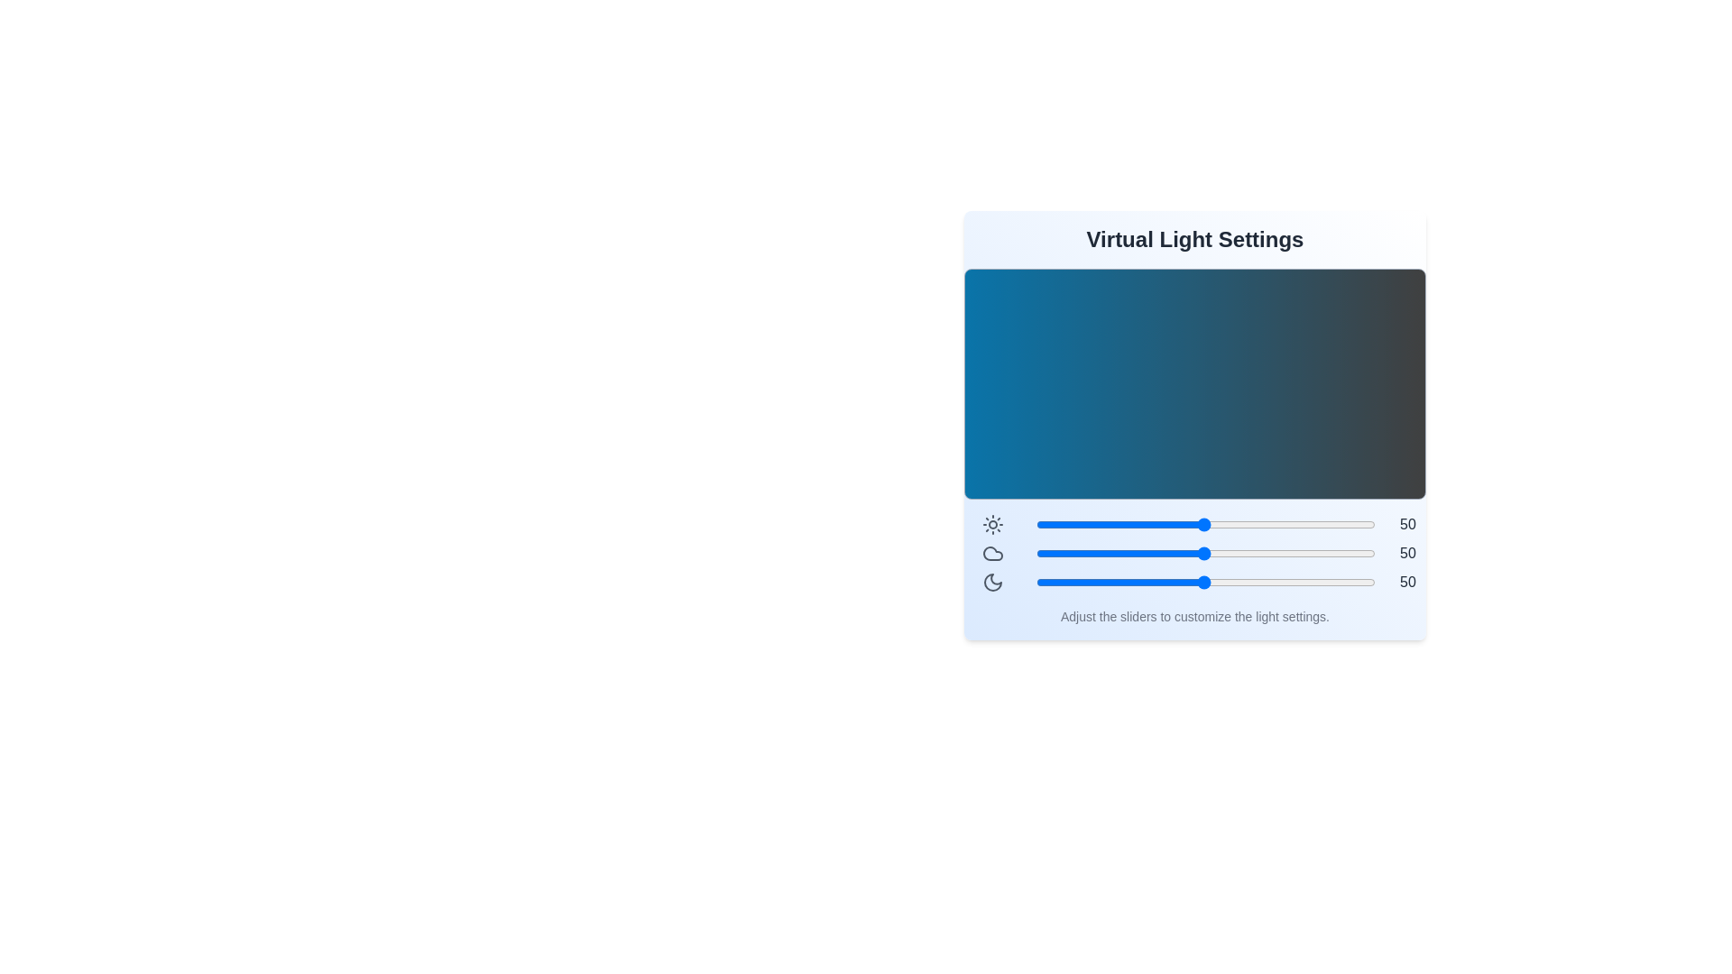 The width and height of the screenshot is (1732, 974). Describe the element at coordinates (1248, 582) in the screenshot. I see `the saturation slider to 63` at that location.